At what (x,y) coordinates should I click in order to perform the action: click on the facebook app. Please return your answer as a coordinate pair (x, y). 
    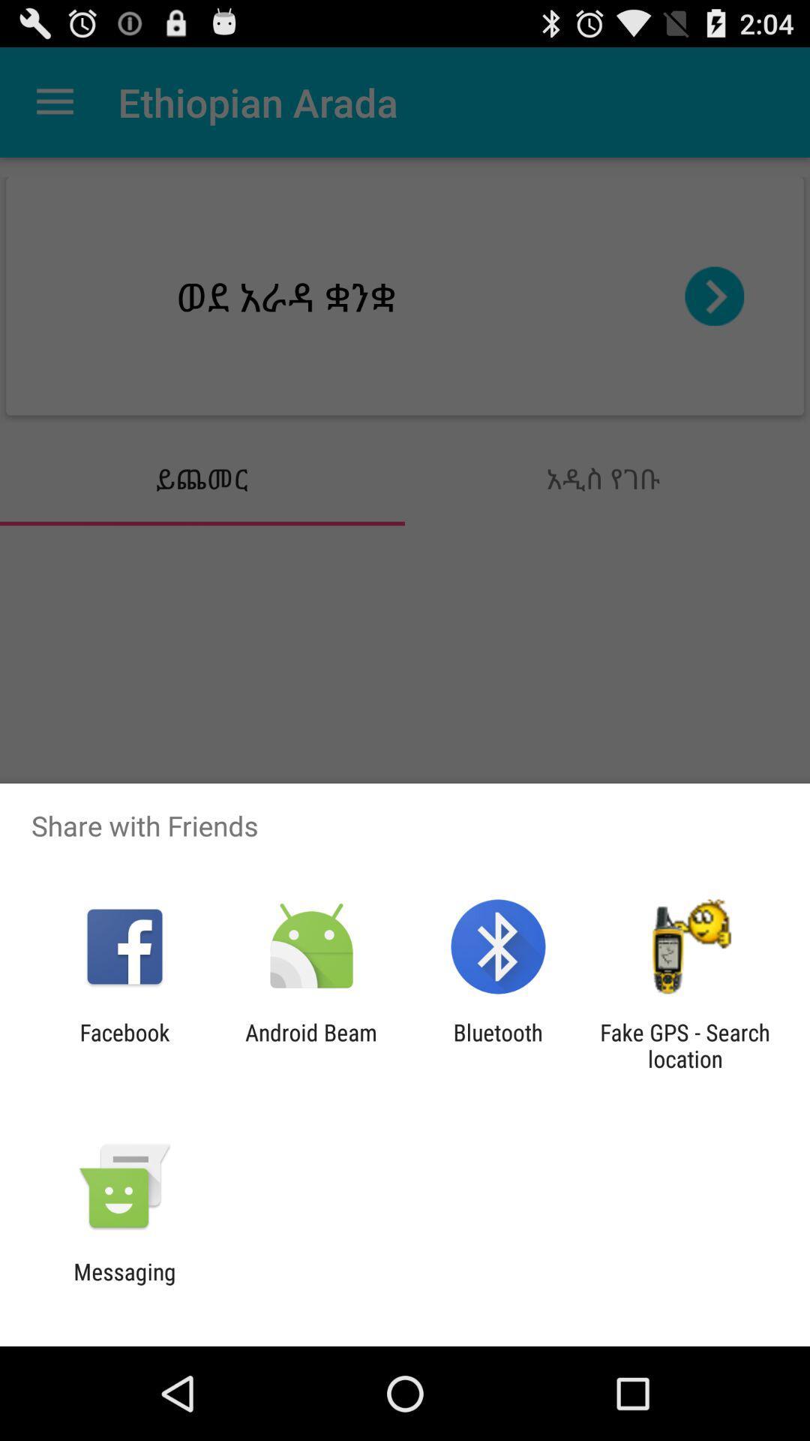
    Looking at the image, I should click on (124, 1045).